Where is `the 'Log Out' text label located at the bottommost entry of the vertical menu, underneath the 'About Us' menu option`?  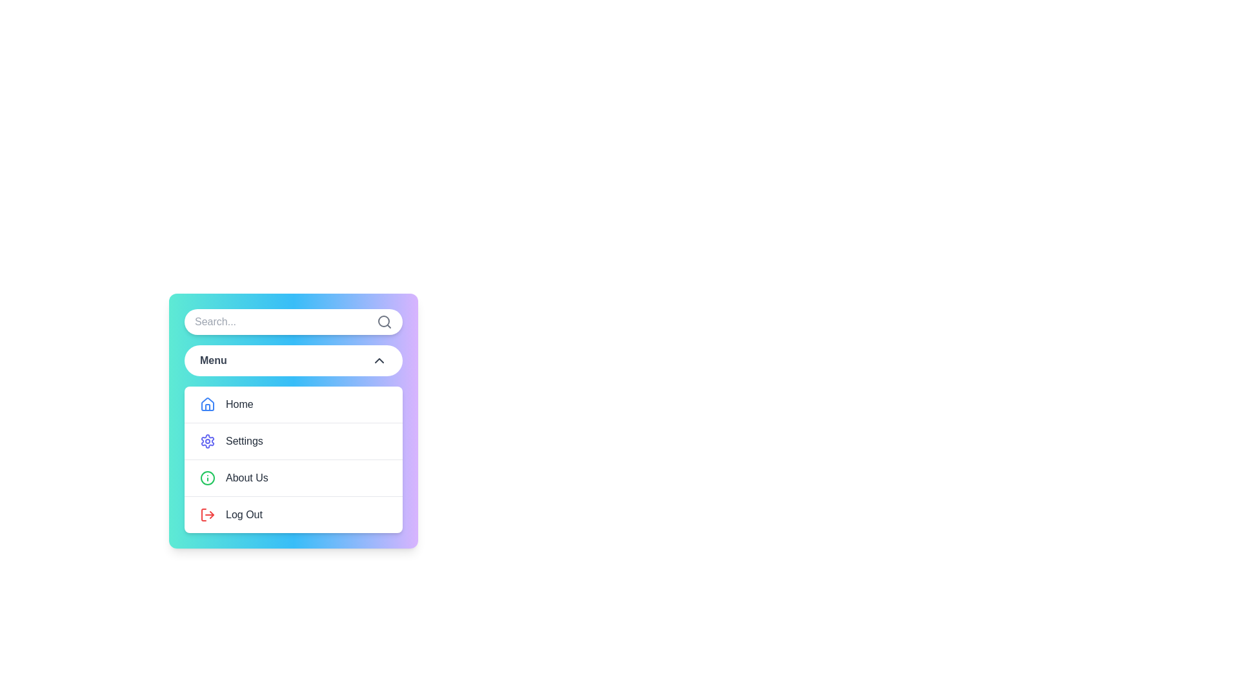 the 'Log Out' text label located at the bottommost entry of the vertical menu, underneath the 'About Us' menu option is located at coordinates (244, 514).